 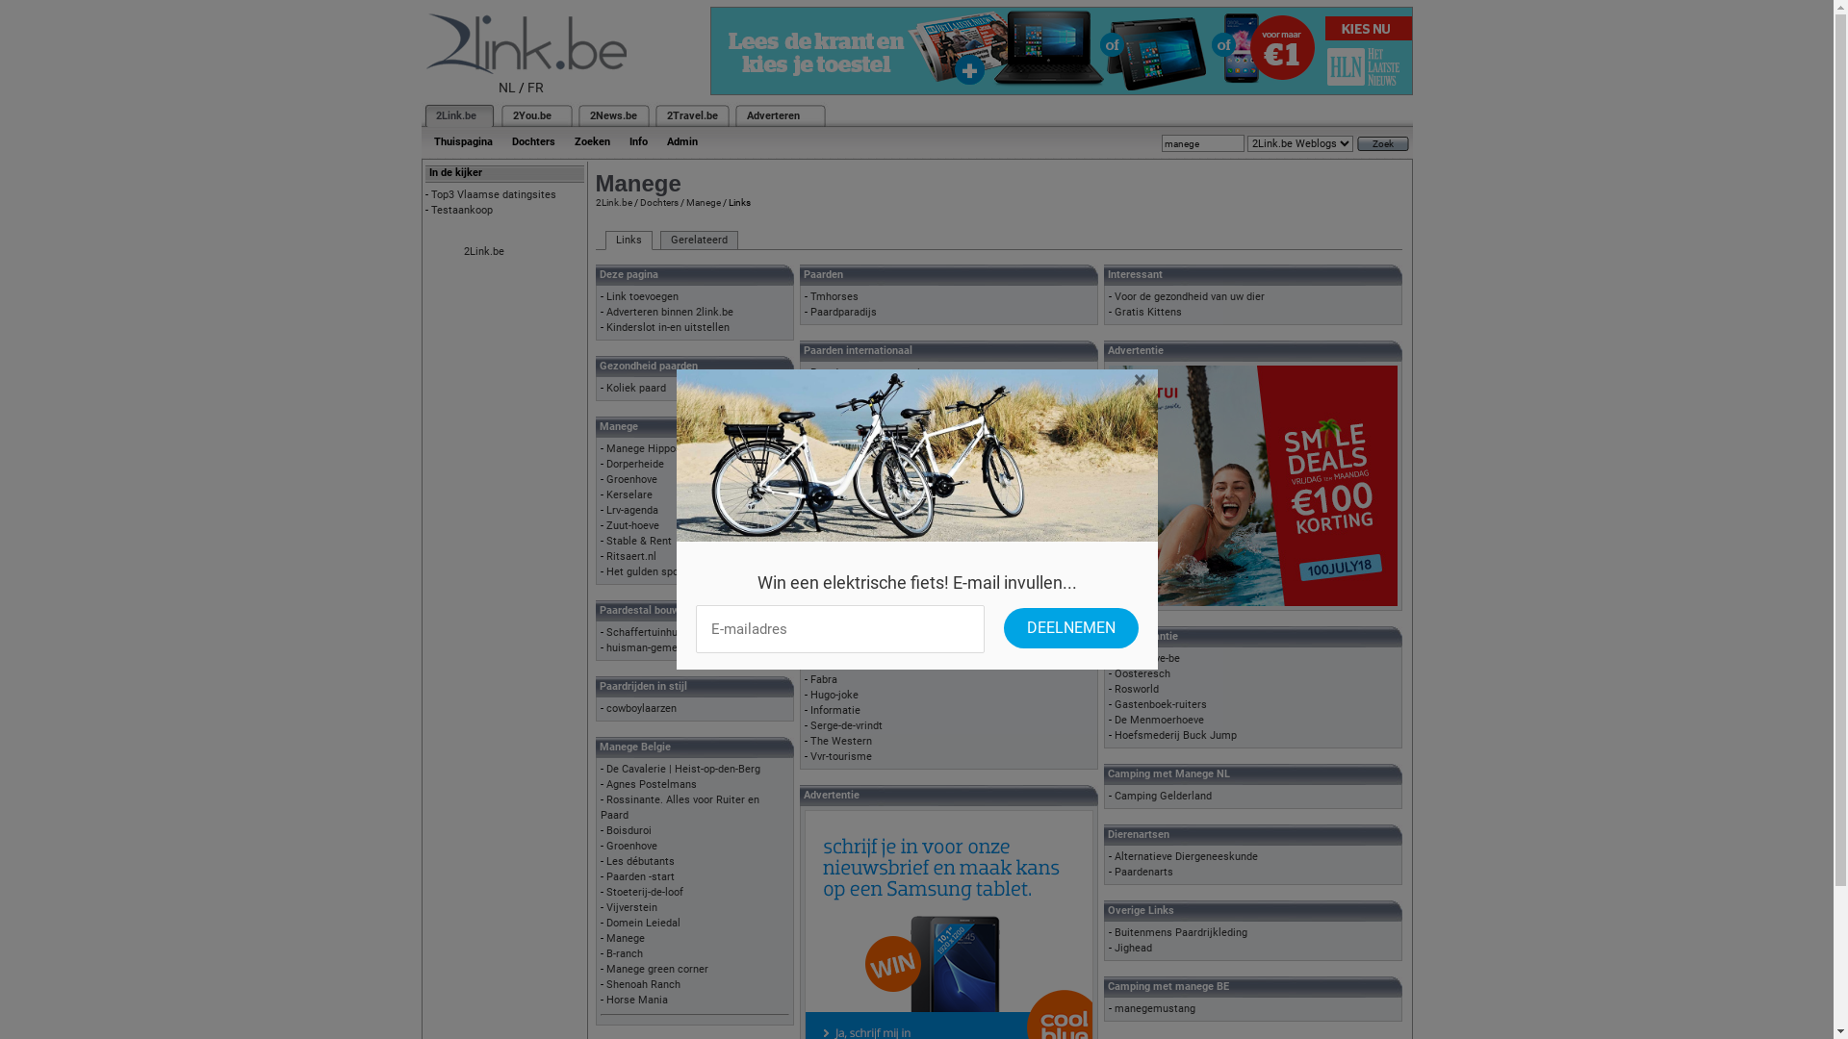 I want to click on 'Paardparadijs', so click(x=843, y=311).